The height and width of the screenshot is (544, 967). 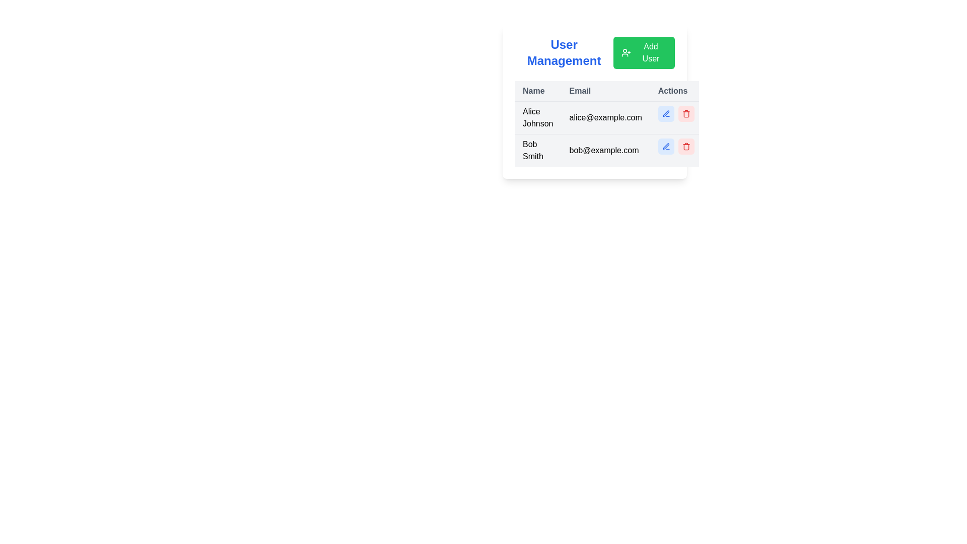 I want to click on the edit button in the Actions column of the table row corresponding to 'Bob Smith', so click(x=666, y=146).